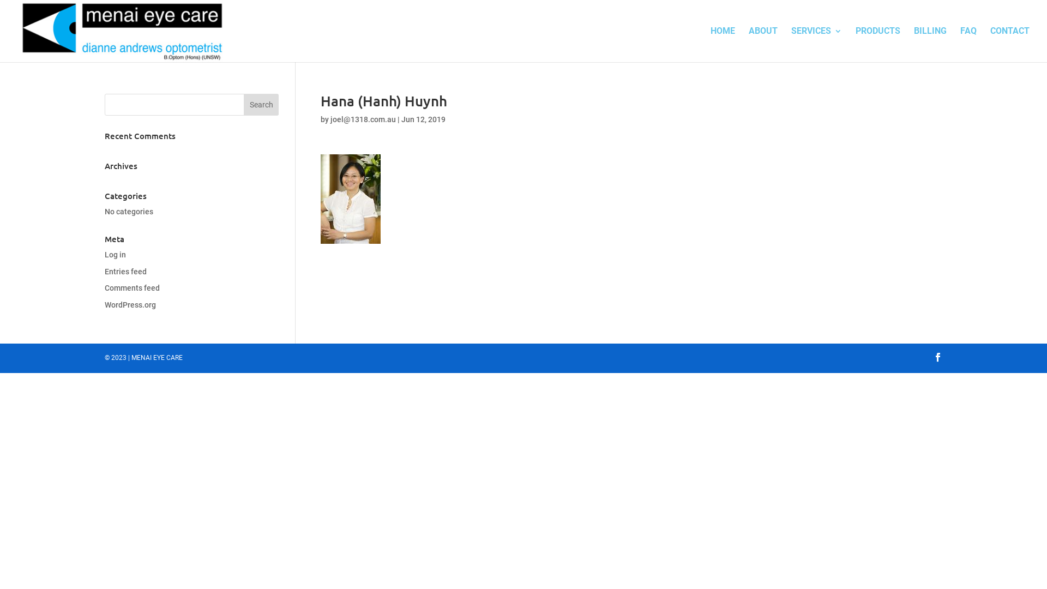  I want to click on 'CONTACT', so click(1009, 44).